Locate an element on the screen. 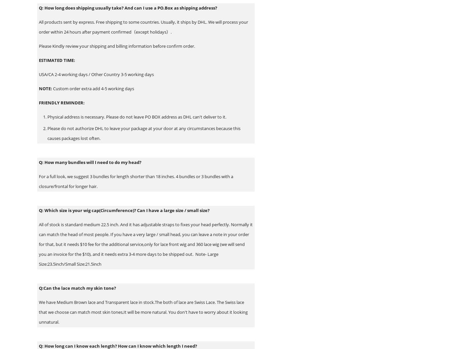  'USA/CA' is located at coordinates (39, 74).